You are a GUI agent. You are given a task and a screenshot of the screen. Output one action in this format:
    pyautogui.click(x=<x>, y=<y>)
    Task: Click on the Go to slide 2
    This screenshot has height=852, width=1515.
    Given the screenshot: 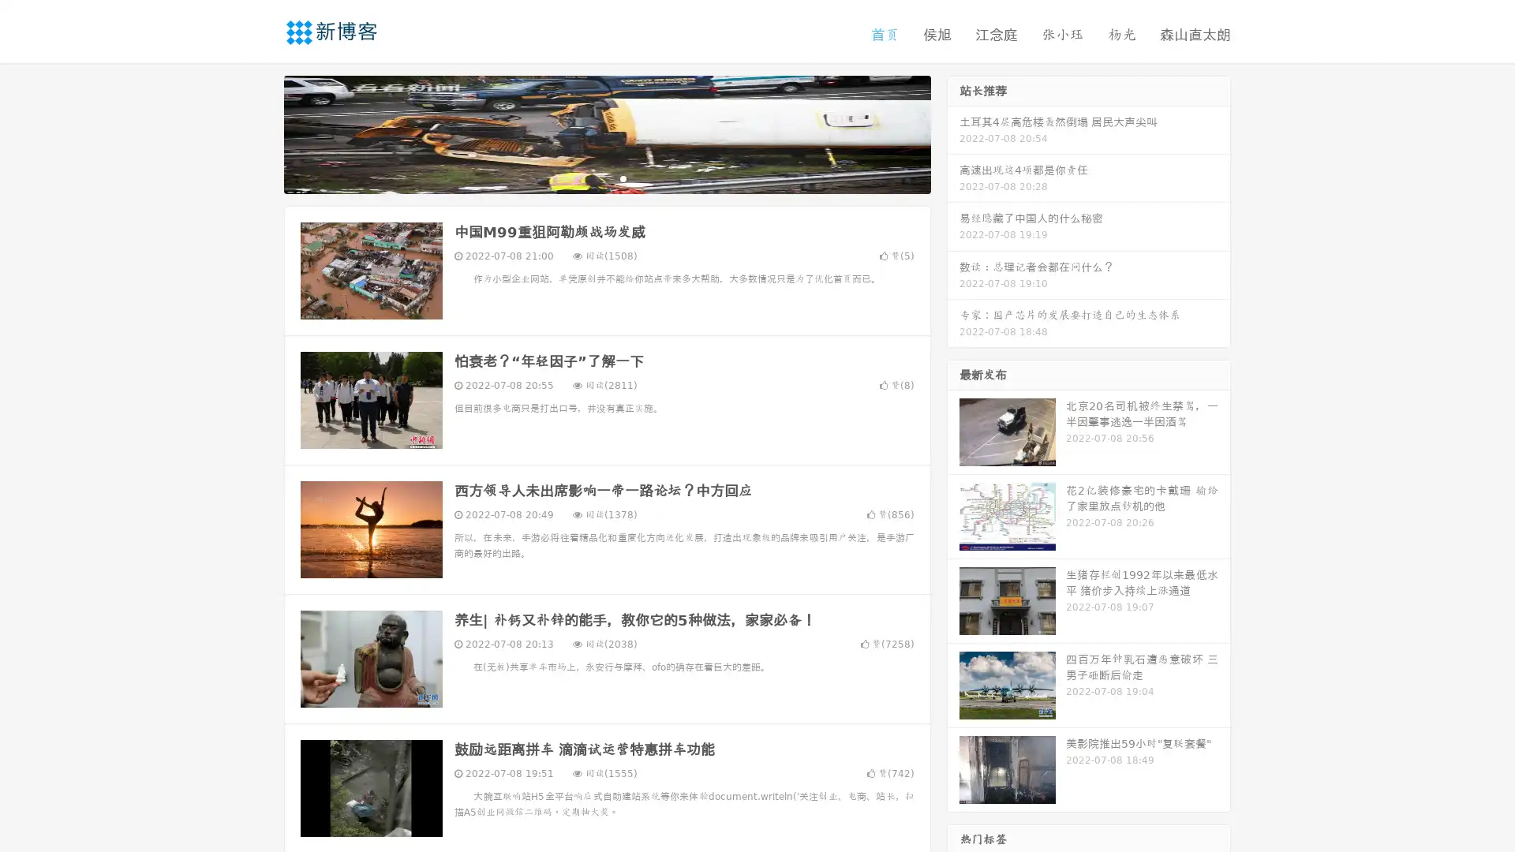 What is the action you would take?
    pyautogui.click(x=606, y=177)
    